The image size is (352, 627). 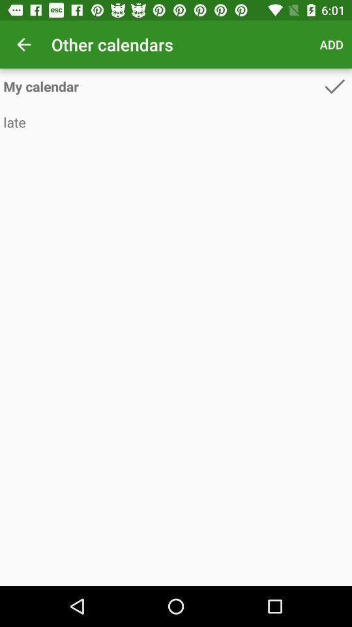 What do you see at coordinates (331, 44) in the screenshot?
I see `the icon above the my calendar icon` at bounding box center [331, 44].